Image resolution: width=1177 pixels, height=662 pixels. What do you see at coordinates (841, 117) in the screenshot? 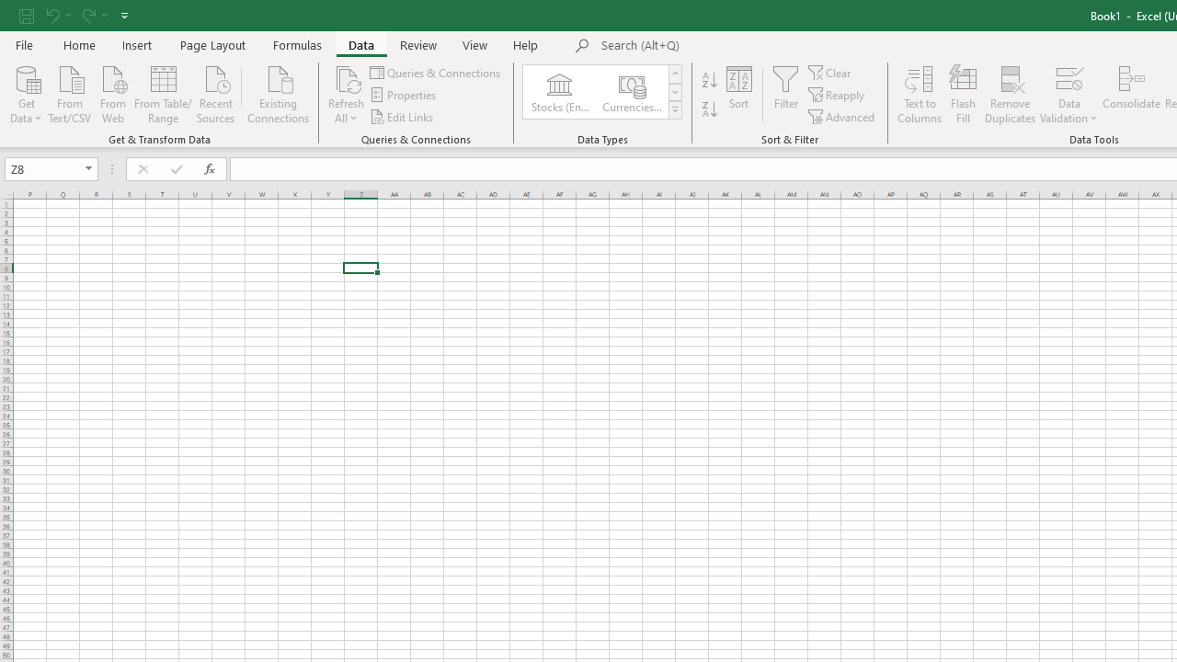
I see `'Advanced...'` at bounding box center [841, 117].